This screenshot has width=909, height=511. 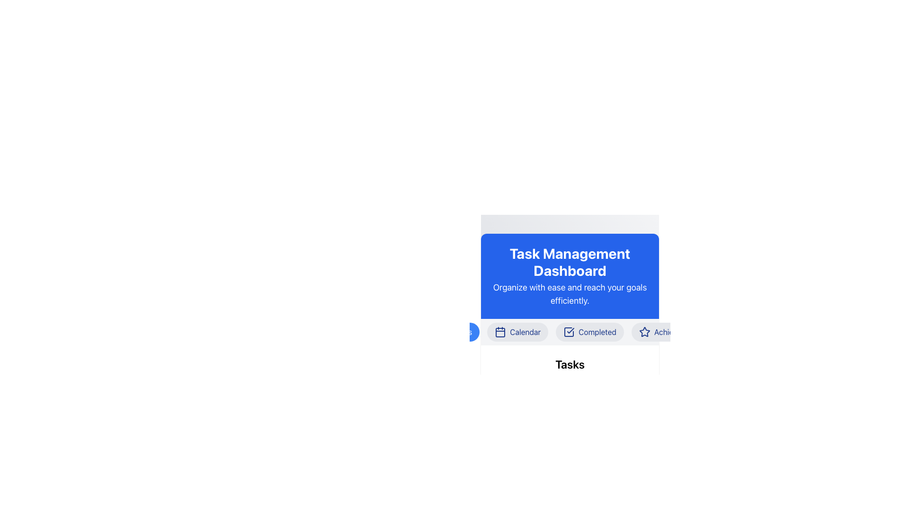 I want to click on the 'Completed' button, so click(x=570, y=332).